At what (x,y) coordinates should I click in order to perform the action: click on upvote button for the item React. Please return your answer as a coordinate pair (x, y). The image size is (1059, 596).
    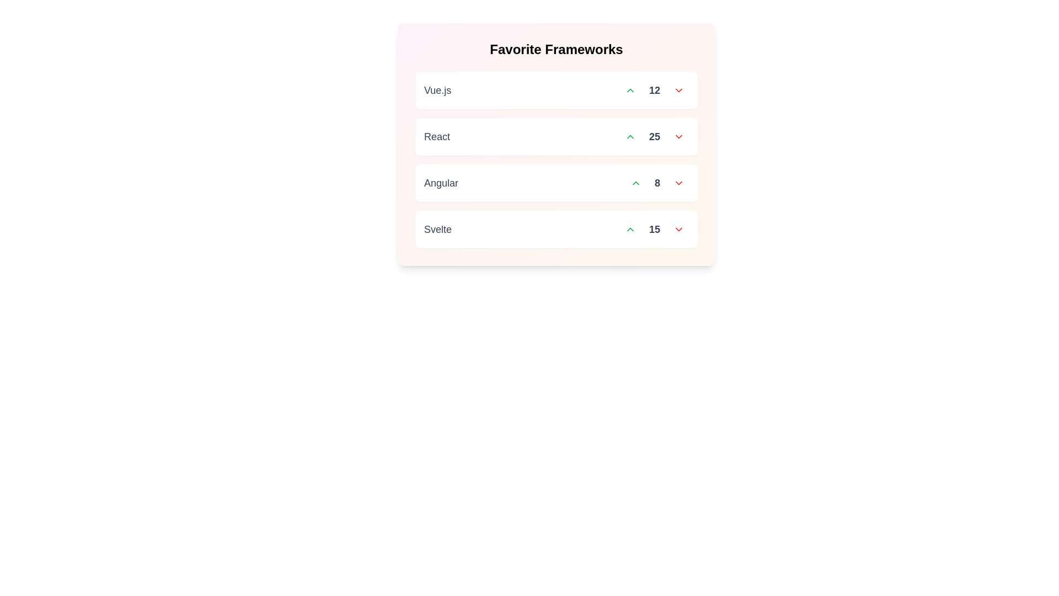
    Looking at the image, I should click on (630, 136).